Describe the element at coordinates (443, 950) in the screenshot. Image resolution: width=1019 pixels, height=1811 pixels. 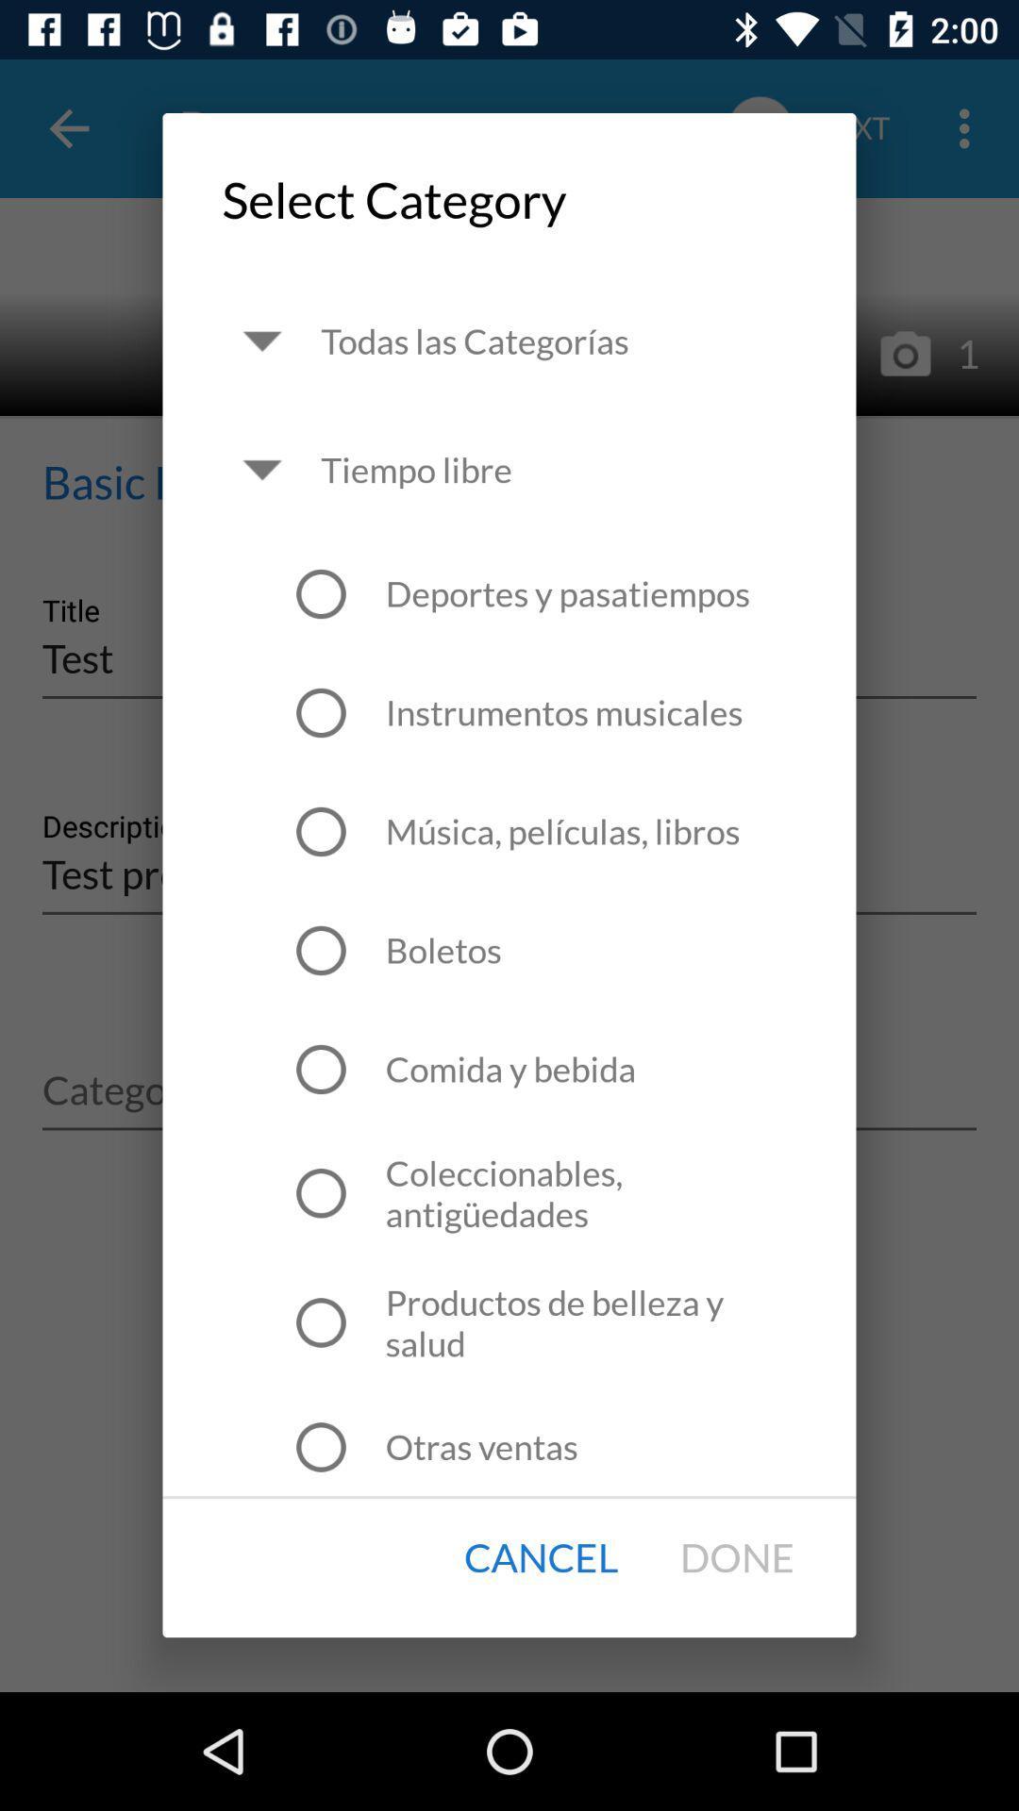
I see `boletos icon` at that location.